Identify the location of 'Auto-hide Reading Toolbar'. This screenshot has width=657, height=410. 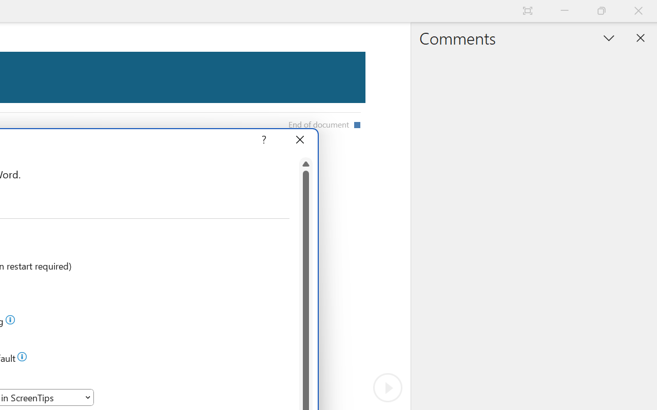
(527, 11).